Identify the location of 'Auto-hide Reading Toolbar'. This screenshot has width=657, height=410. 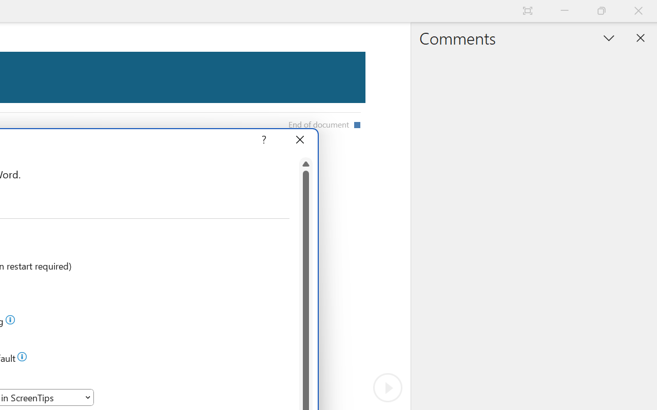
(527, 11).